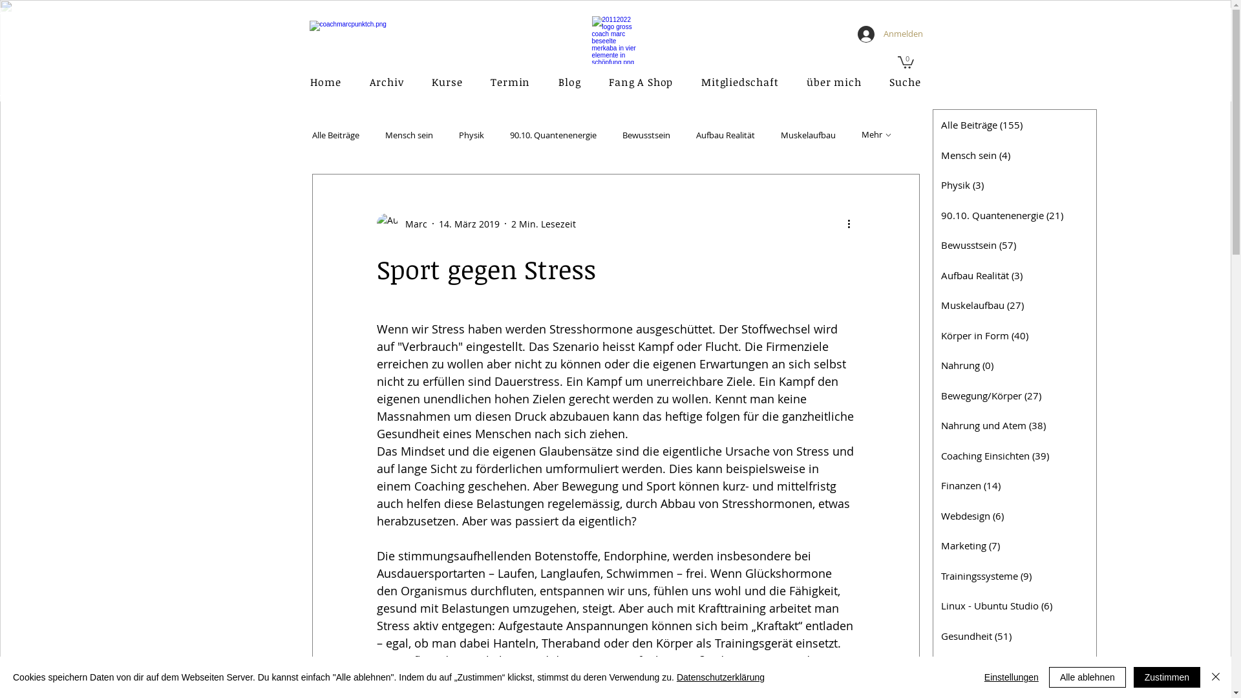  What do you see at coordinates (1167, 677) in the screenshot?
I see `'Zustimmen'` at bounding box center [1167, 677].